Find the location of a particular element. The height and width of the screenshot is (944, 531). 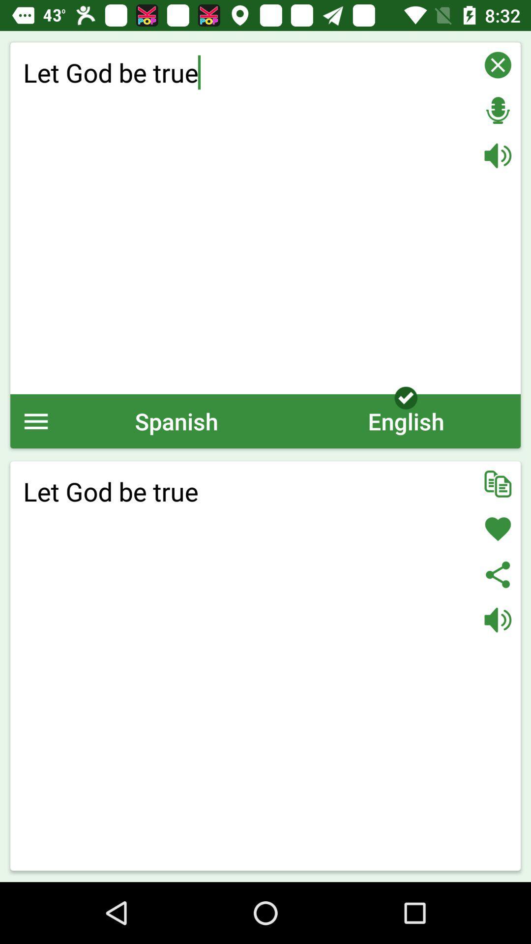

listen to the translation is located at coordinates (498, 619).